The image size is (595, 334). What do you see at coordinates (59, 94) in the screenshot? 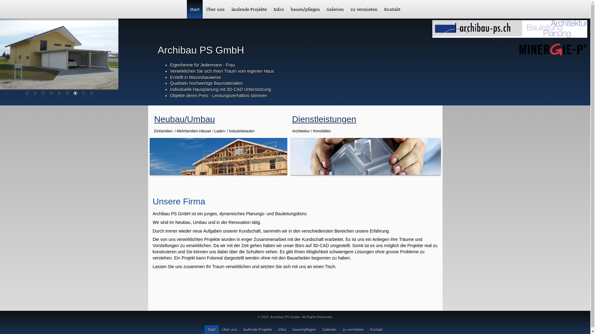
I see `'5'` at bounding box center [59, 94].